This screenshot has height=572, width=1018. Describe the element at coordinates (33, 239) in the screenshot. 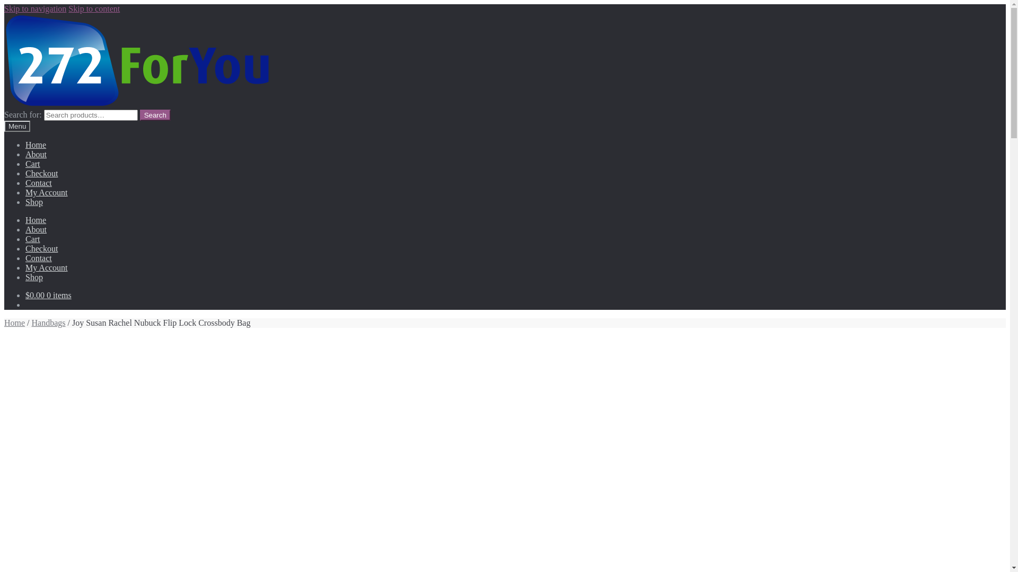

I see `'Cart'` at that location.